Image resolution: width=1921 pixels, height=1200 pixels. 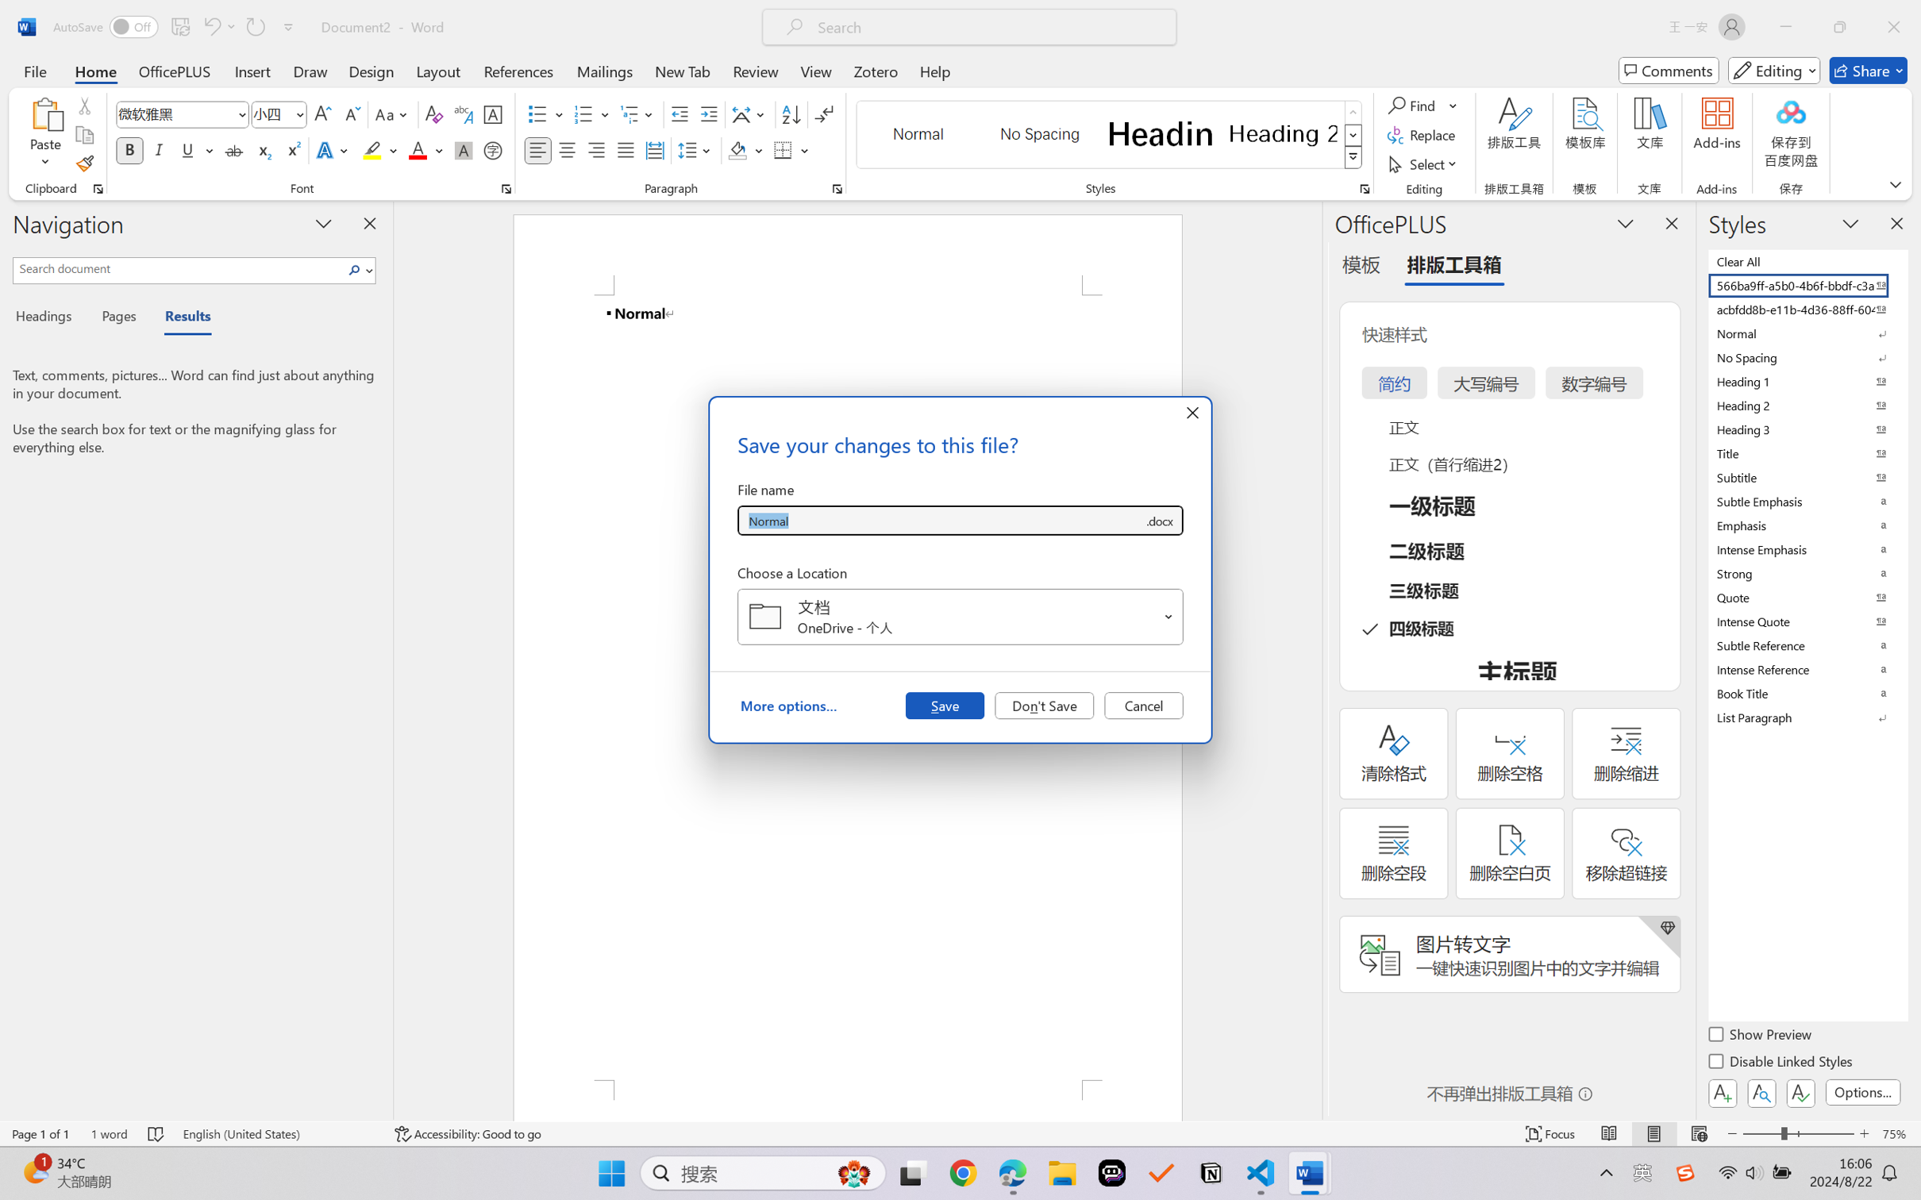 I want to click on 'Bullets', so click(x=545, y=114).